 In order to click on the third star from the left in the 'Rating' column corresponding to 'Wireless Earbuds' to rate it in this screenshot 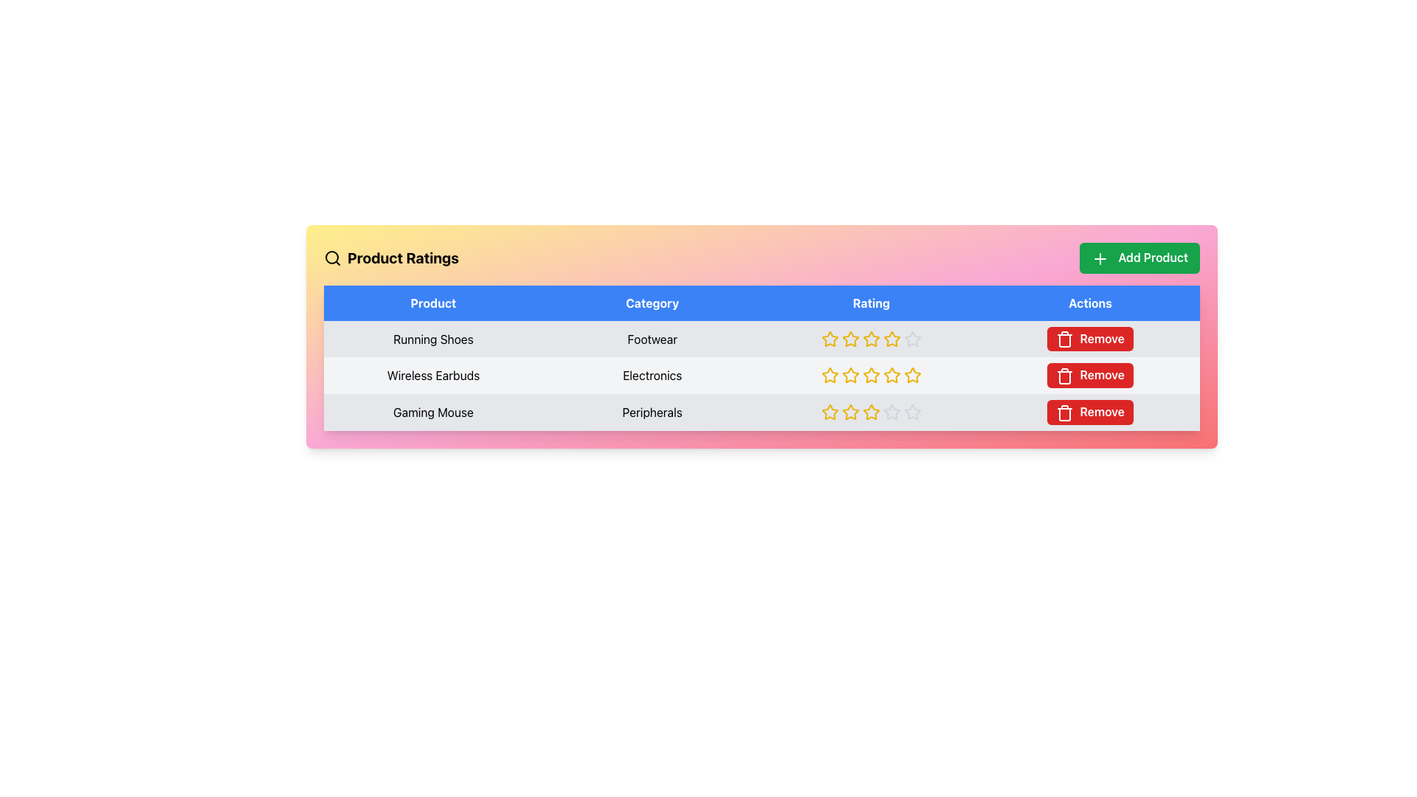, I will do `click(830, 375)`.